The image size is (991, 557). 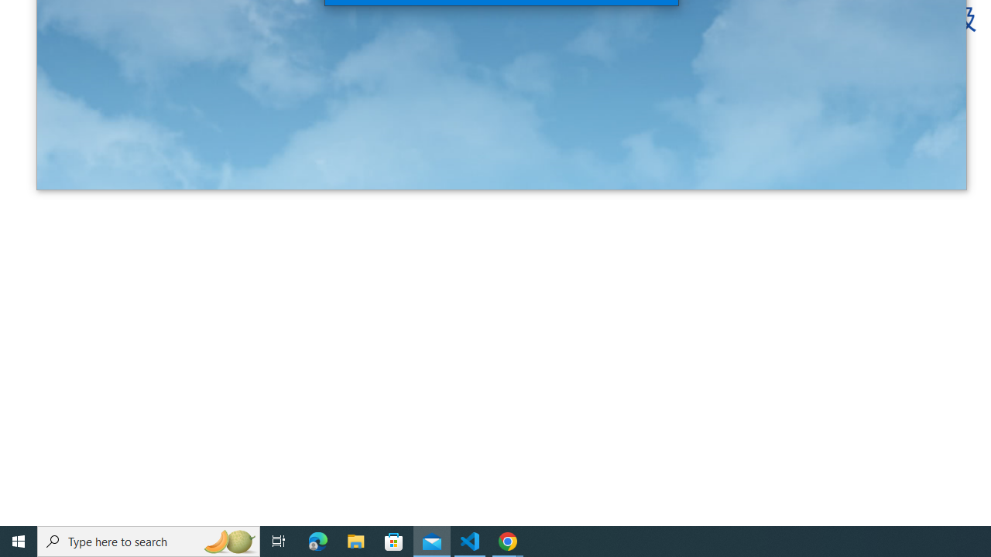 I want to click on 'Microsoft Edge', so click(x=317, y=540).